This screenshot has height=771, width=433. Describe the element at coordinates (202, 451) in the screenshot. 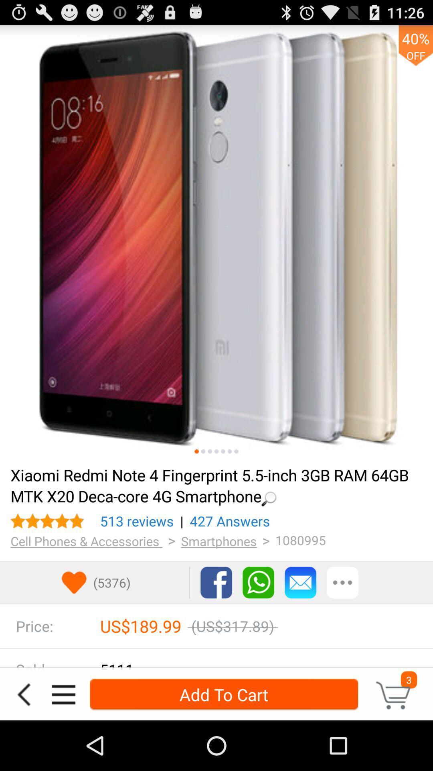

I see `second picture` at that location.